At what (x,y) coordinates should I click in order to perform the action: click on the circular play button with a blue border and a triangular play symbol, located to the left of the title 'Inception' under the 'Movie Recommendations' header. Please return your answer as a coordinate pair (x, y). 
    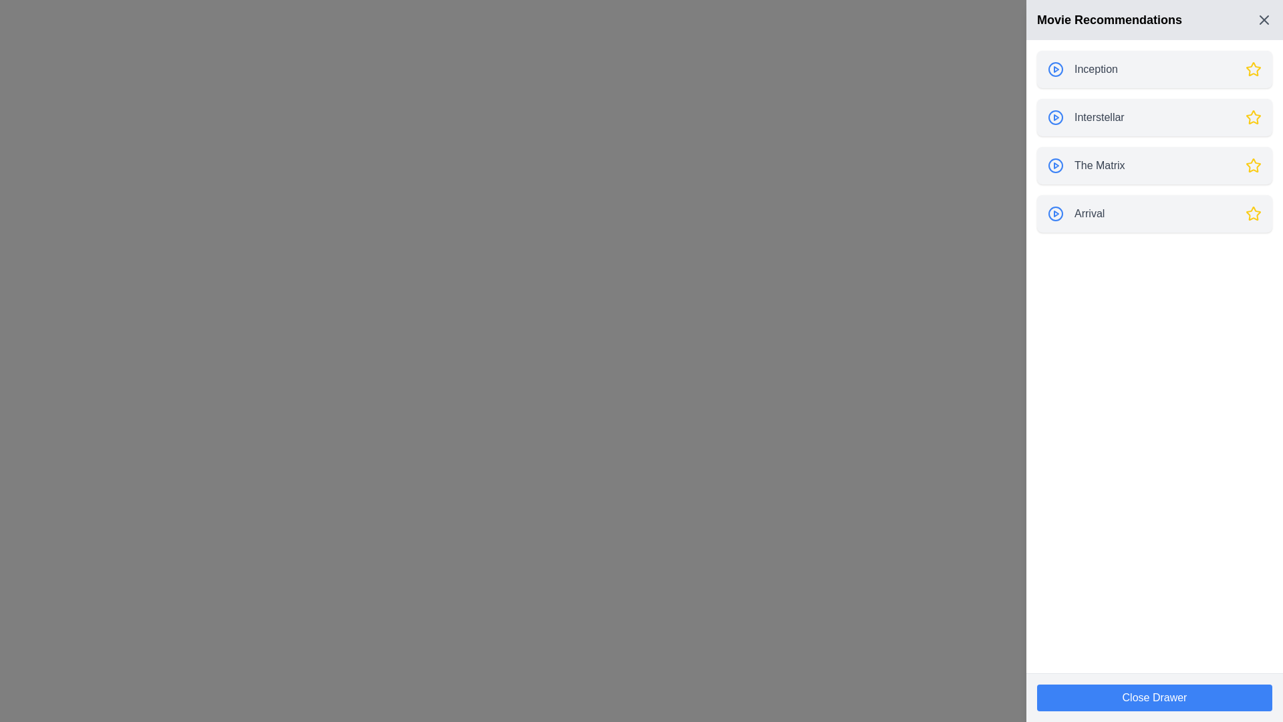
    Looking at the image, I should click on (1054, 70).